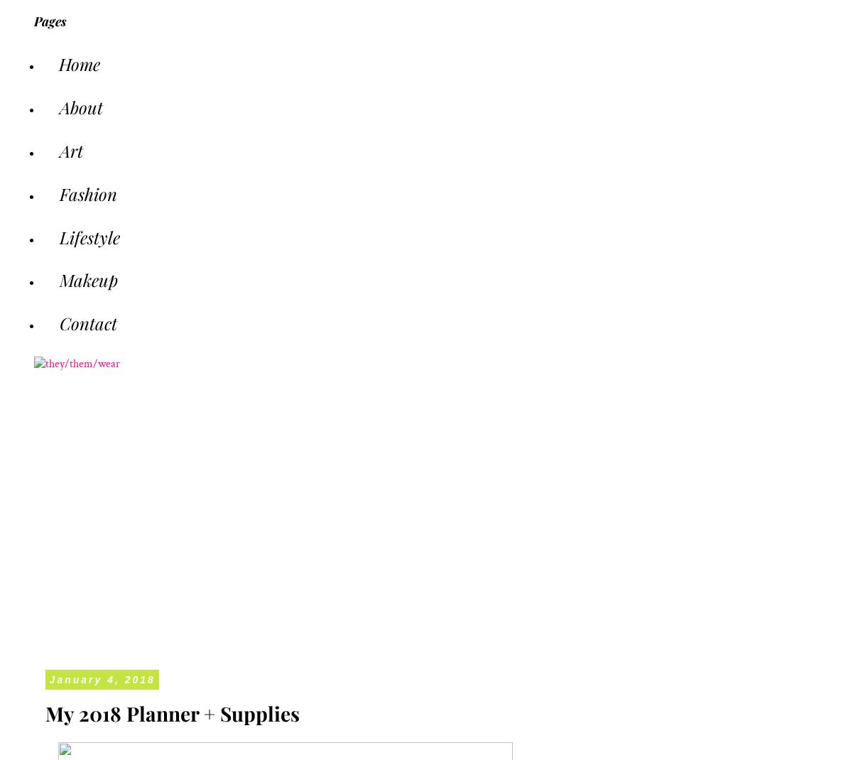  What do you see at coordinates (80, 107) in the screenshot?
I see `'About'` at bounding box center [80, 107].